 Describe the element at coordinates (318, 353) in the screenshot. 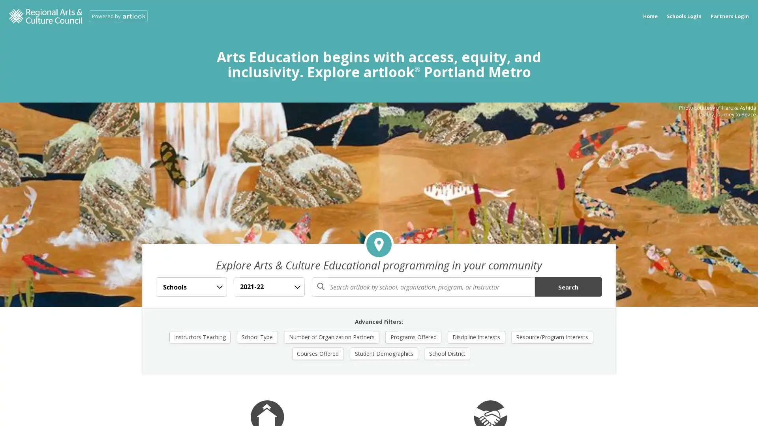

I see `Courses Offered` at that location.